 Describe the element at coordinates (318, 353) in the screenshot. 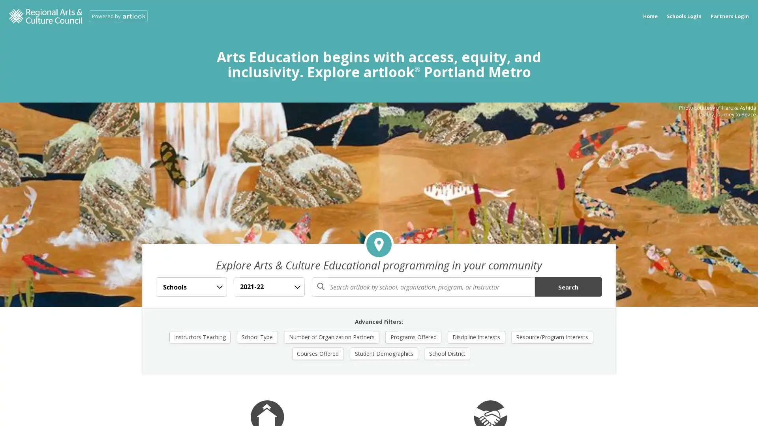

I see `Courses Offered` at that location.